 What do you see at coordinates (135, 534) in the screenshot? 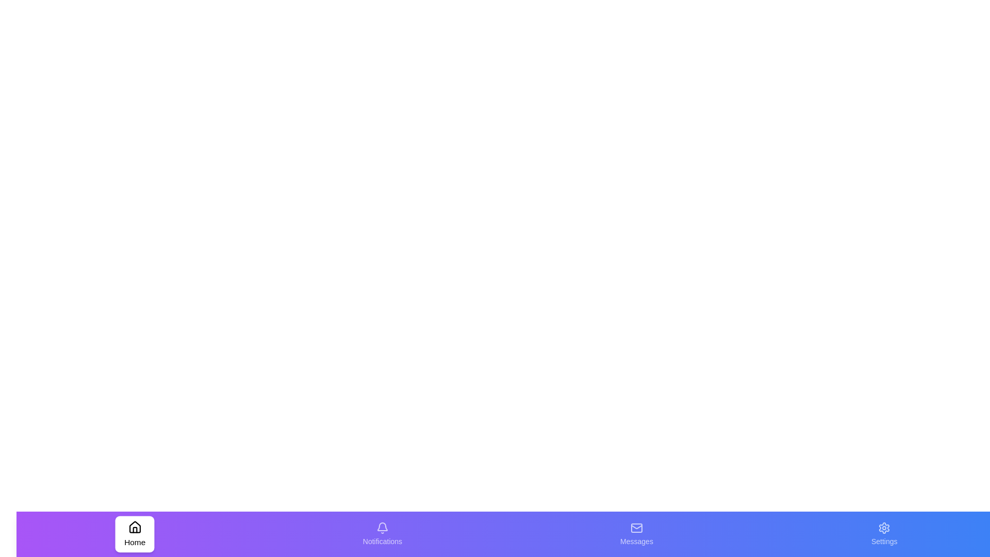
I see `the Home tab to observe its visual feedback` at bounding box center [135, 534].